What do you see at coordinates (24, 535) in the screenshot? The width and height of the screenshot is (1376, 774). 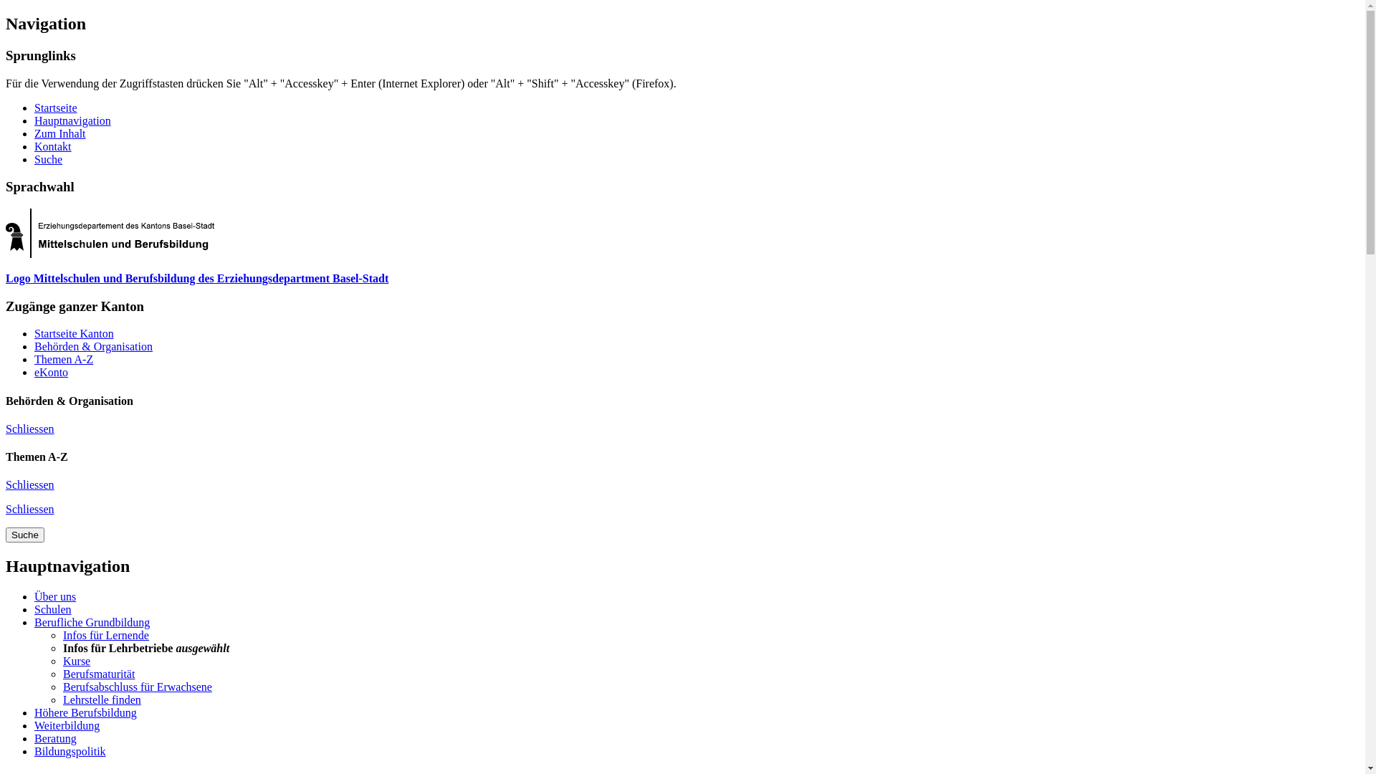 I see `'Suche'` at bounding box center [24, 535].